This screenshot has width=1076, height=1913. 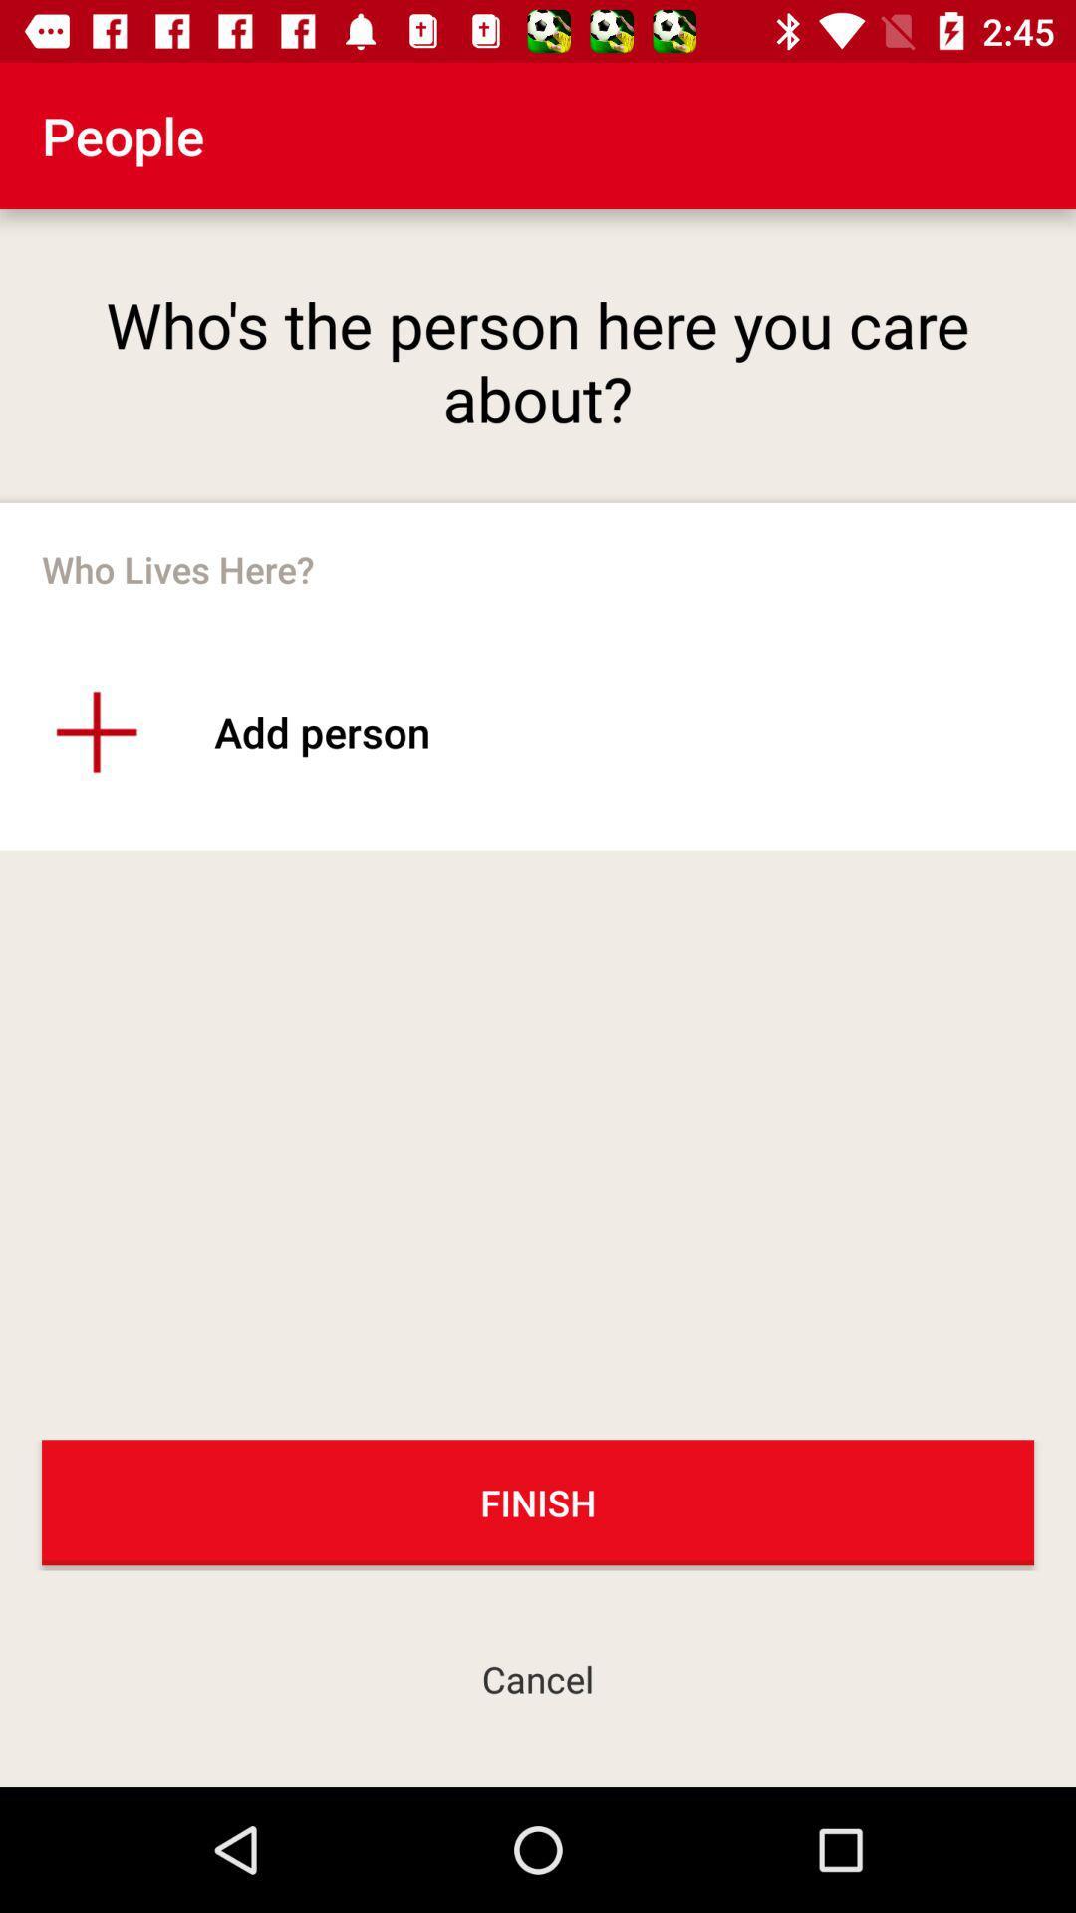 What do you see at coordinates (538, 1503) in the screenshot?
I see `the icon above cancel item` at bounding box center [538, 1503].